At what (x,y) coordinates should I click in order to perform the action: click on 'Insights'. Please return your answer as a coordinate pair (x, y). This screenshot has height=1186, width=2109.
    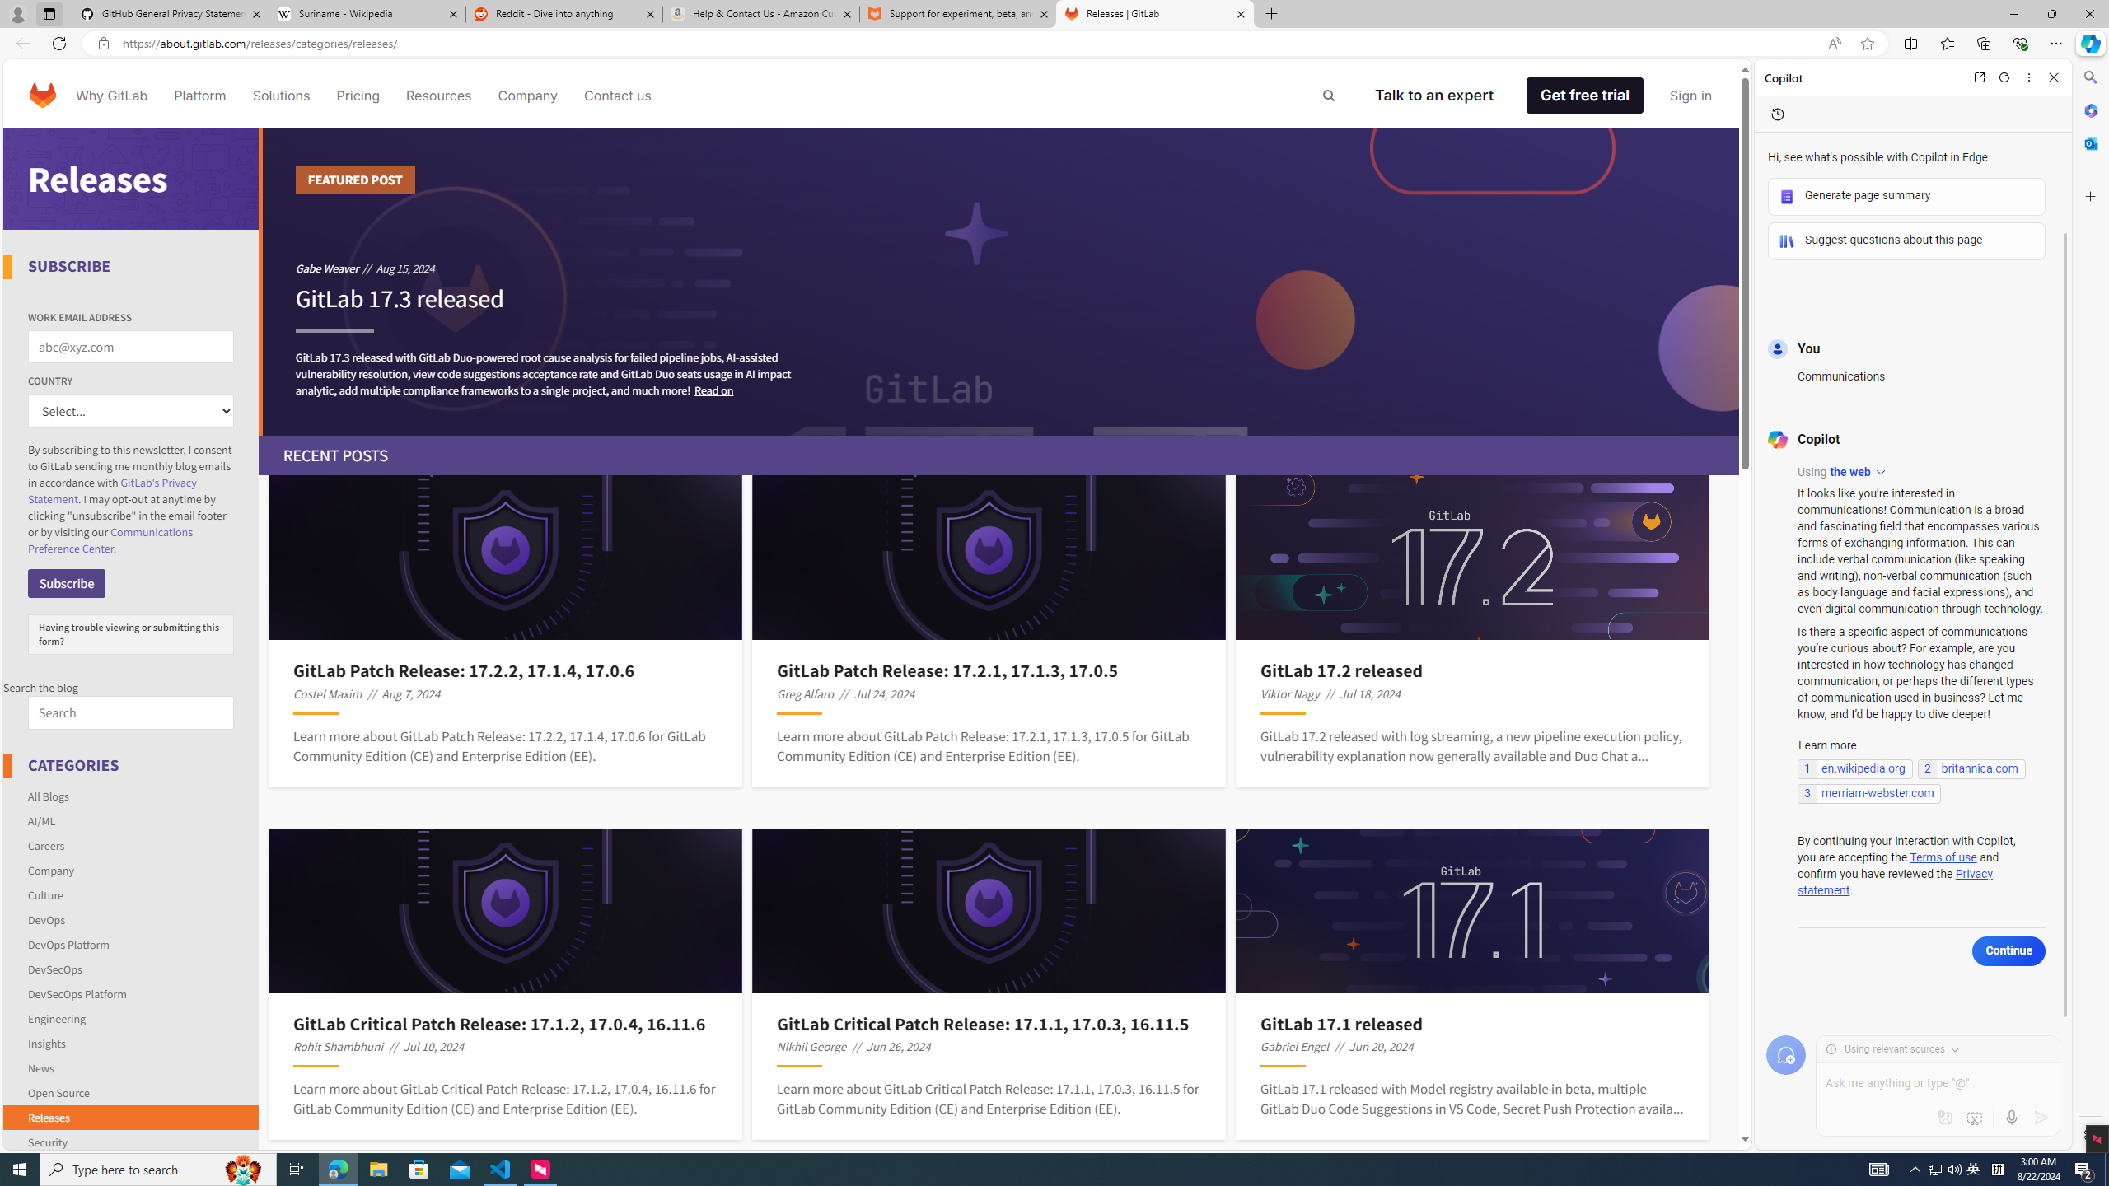
    Looking at the image, I should click on (46, 1042).